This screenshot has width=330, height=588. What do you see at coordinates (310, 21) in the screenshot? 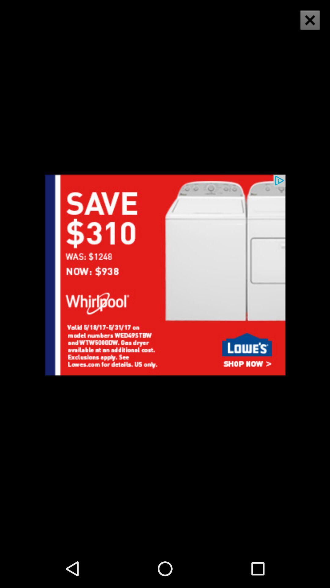
I see `the close icon` at bounding box center [310, 21].